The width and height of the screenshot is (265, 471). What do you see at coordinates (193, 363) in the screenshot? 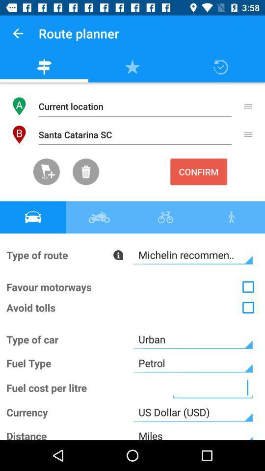
I see `the text field beside fuel type` at bounding box center [193, 363].